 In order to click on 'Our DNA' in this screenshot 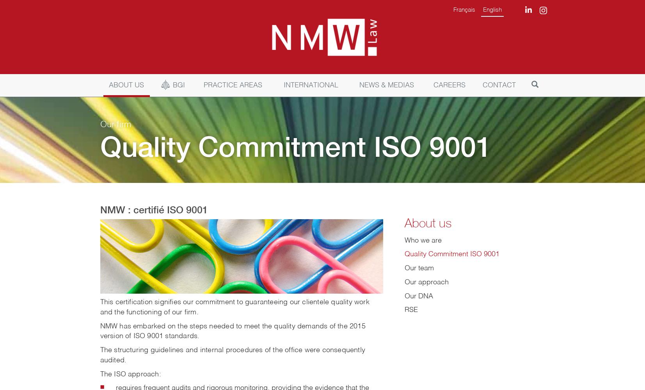, I will do `click(418, 296)`.